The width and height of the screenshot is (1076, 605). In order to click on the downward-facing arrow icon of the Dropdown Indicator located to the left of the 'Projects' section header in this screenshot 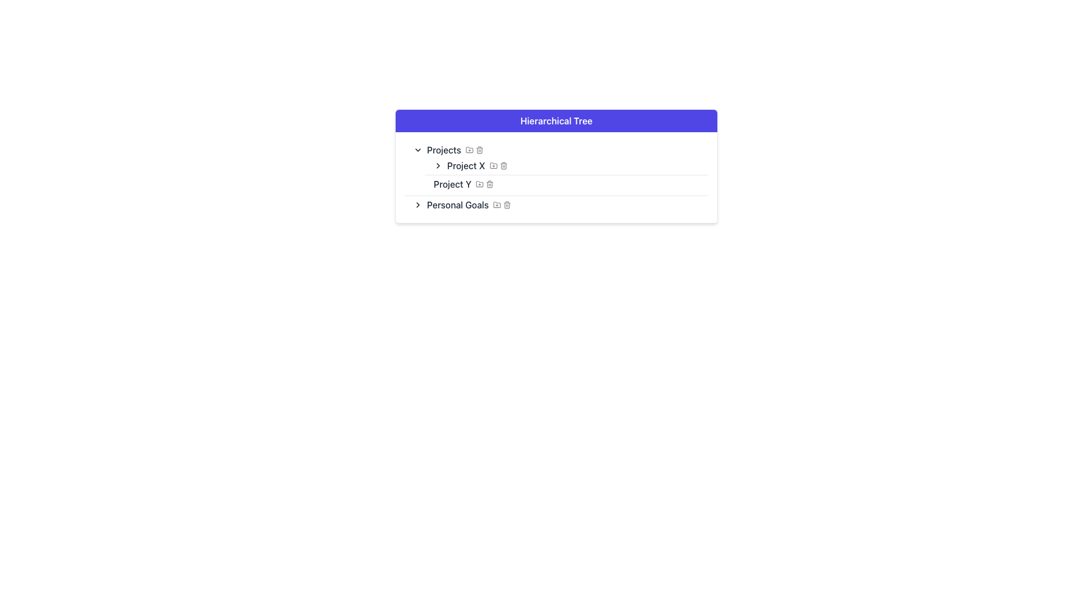, I will do `click(417, 149)`.